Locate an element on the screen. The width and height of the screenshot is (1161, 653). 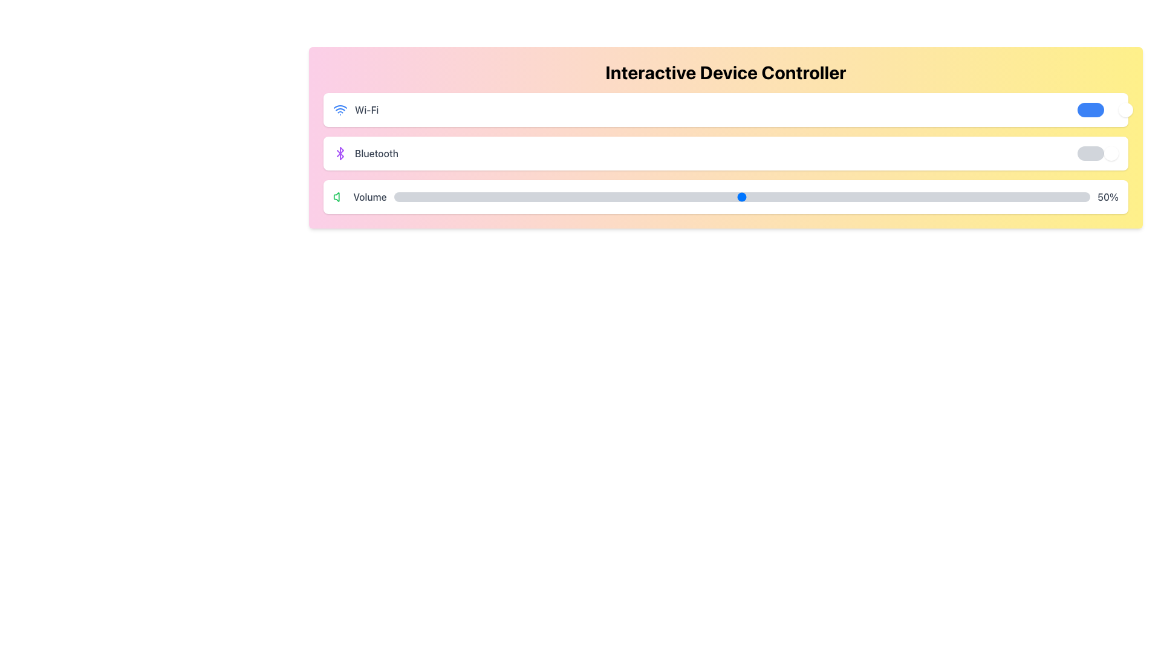
volume is located at coordinates (798, 197).